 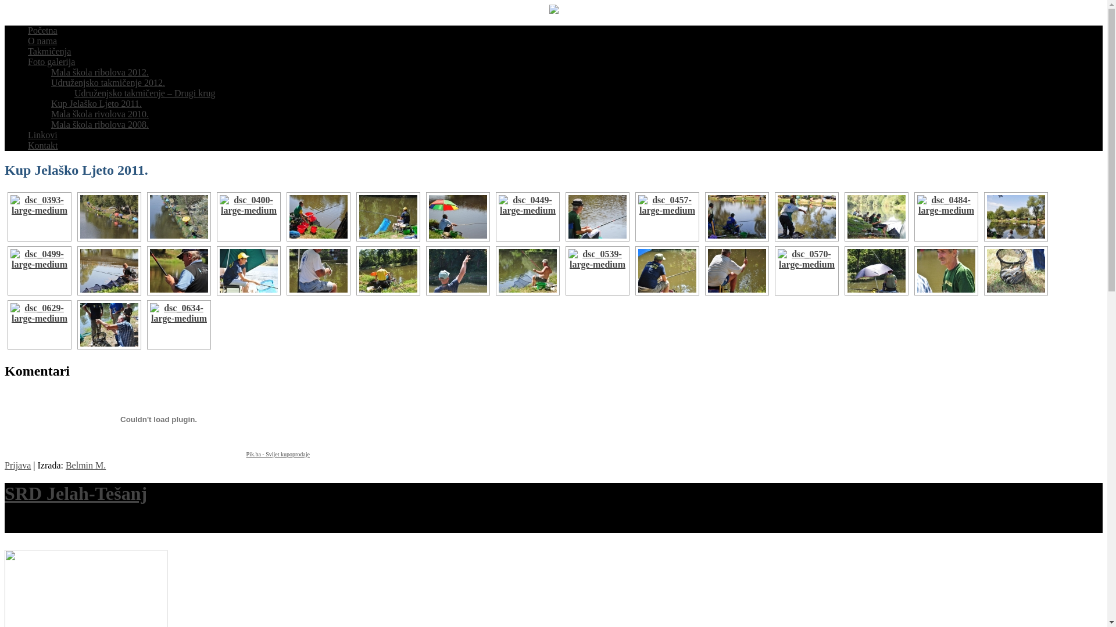 I want to click on 'dsc_0449-large-medium', so click(x=527, y=217).